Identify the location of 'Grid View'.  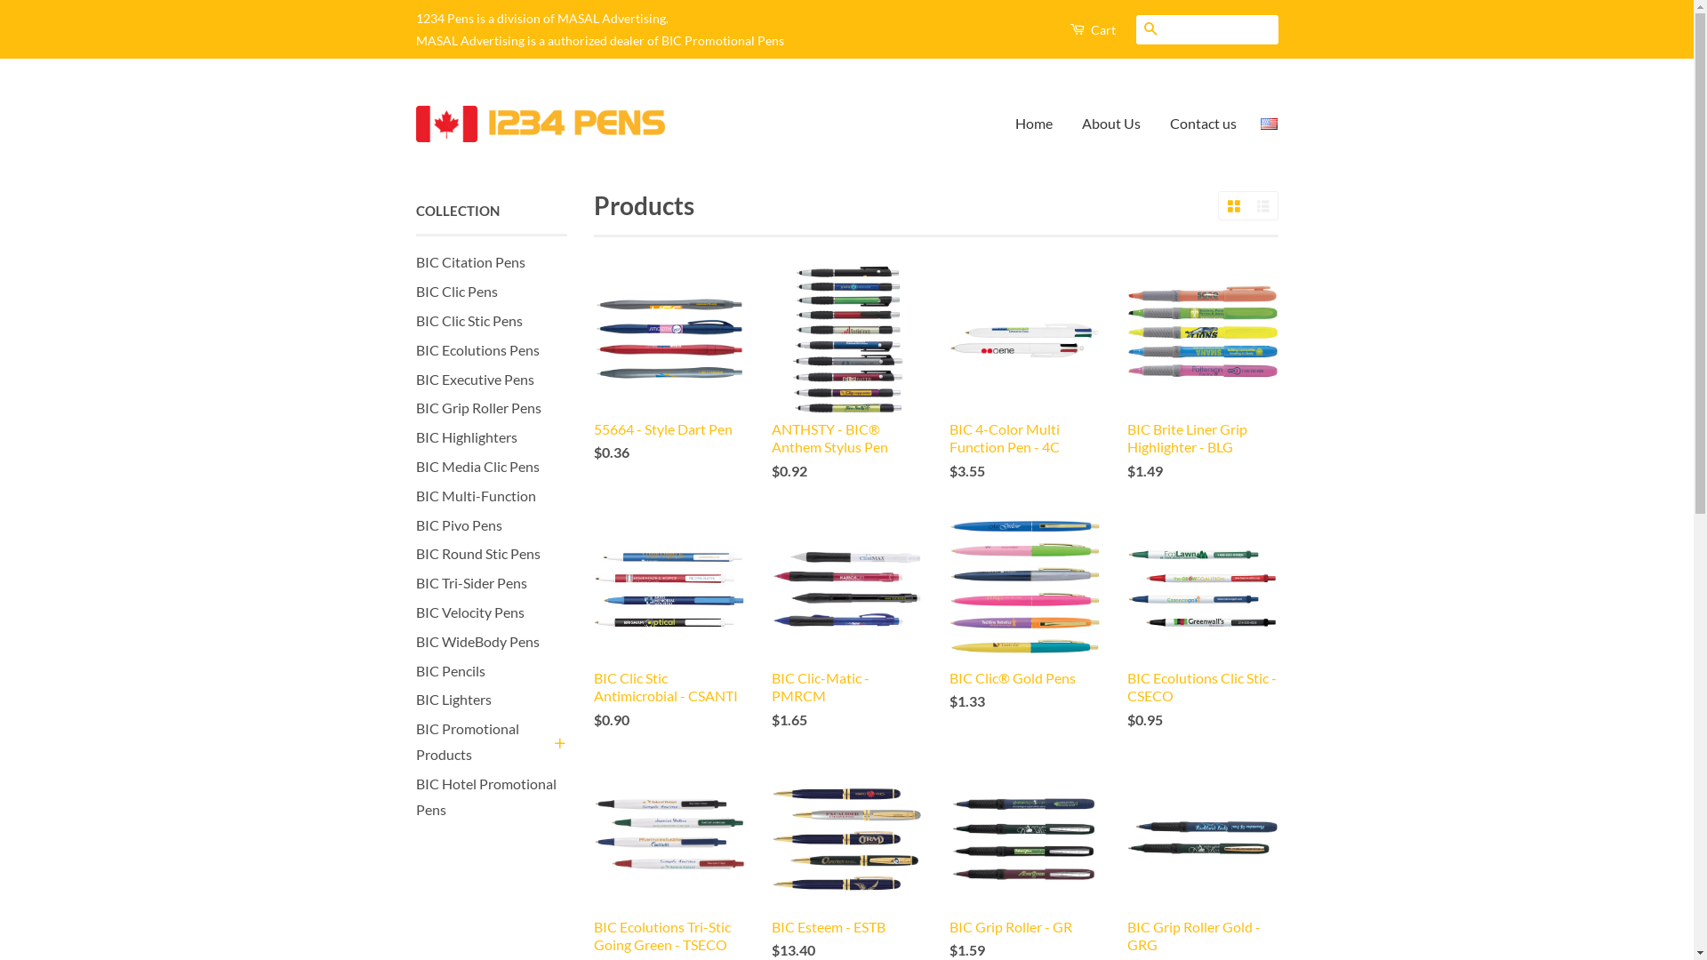
(1231, 205).